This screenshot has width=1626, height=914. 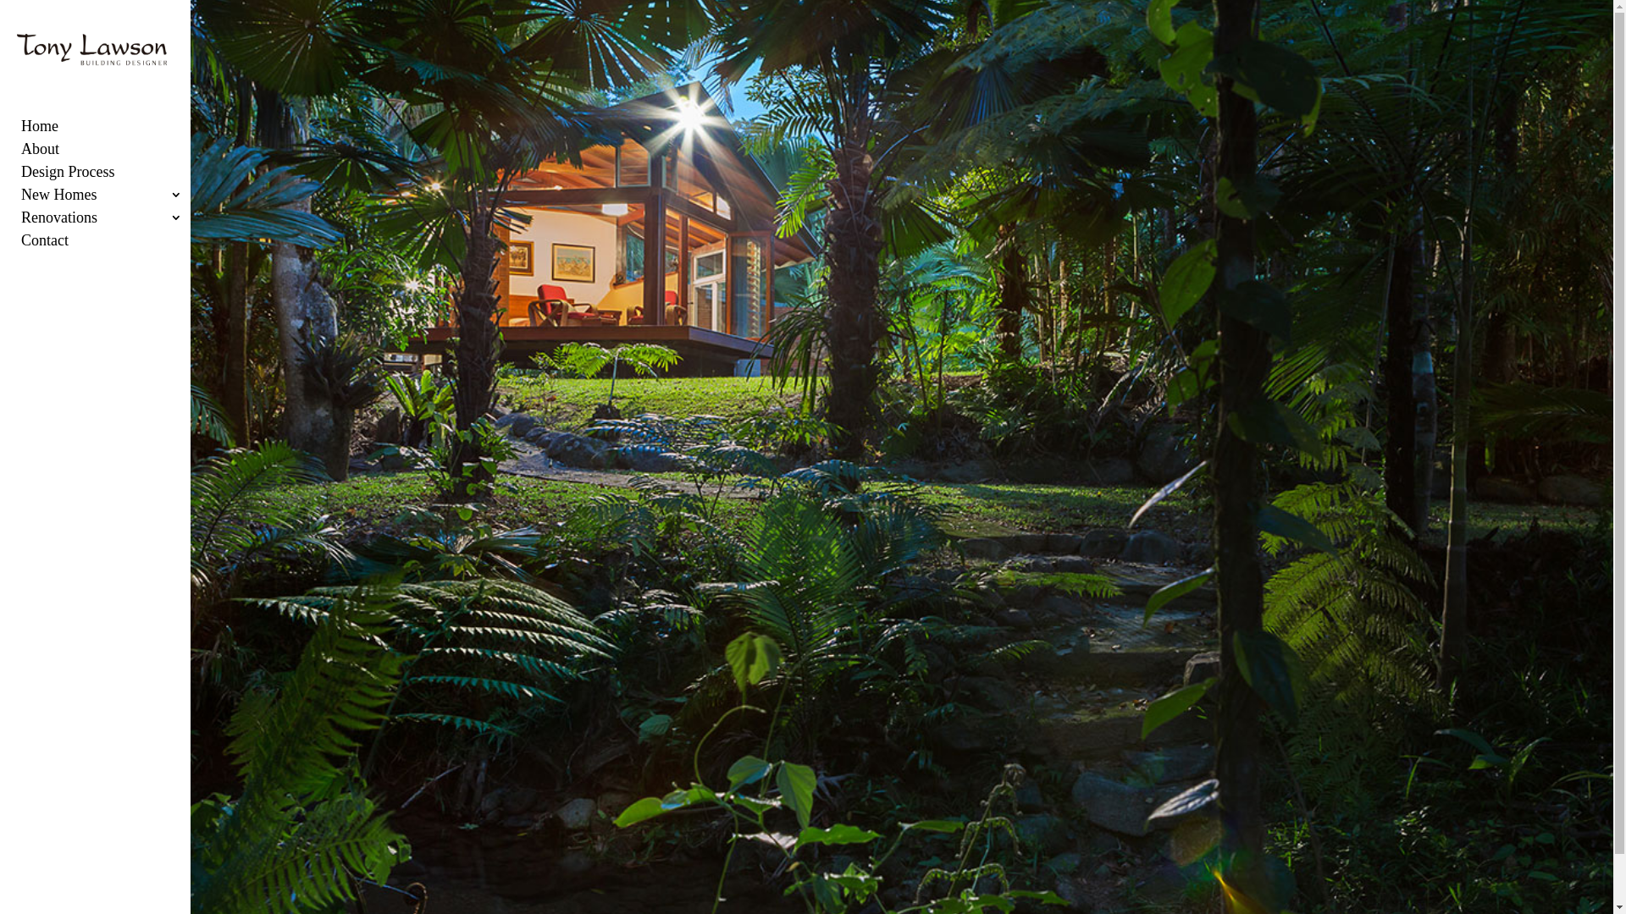 What do you see at coordinates (113, 222) in the screenshot?
I see `'Renovations'` at bounding box center [113, 222].